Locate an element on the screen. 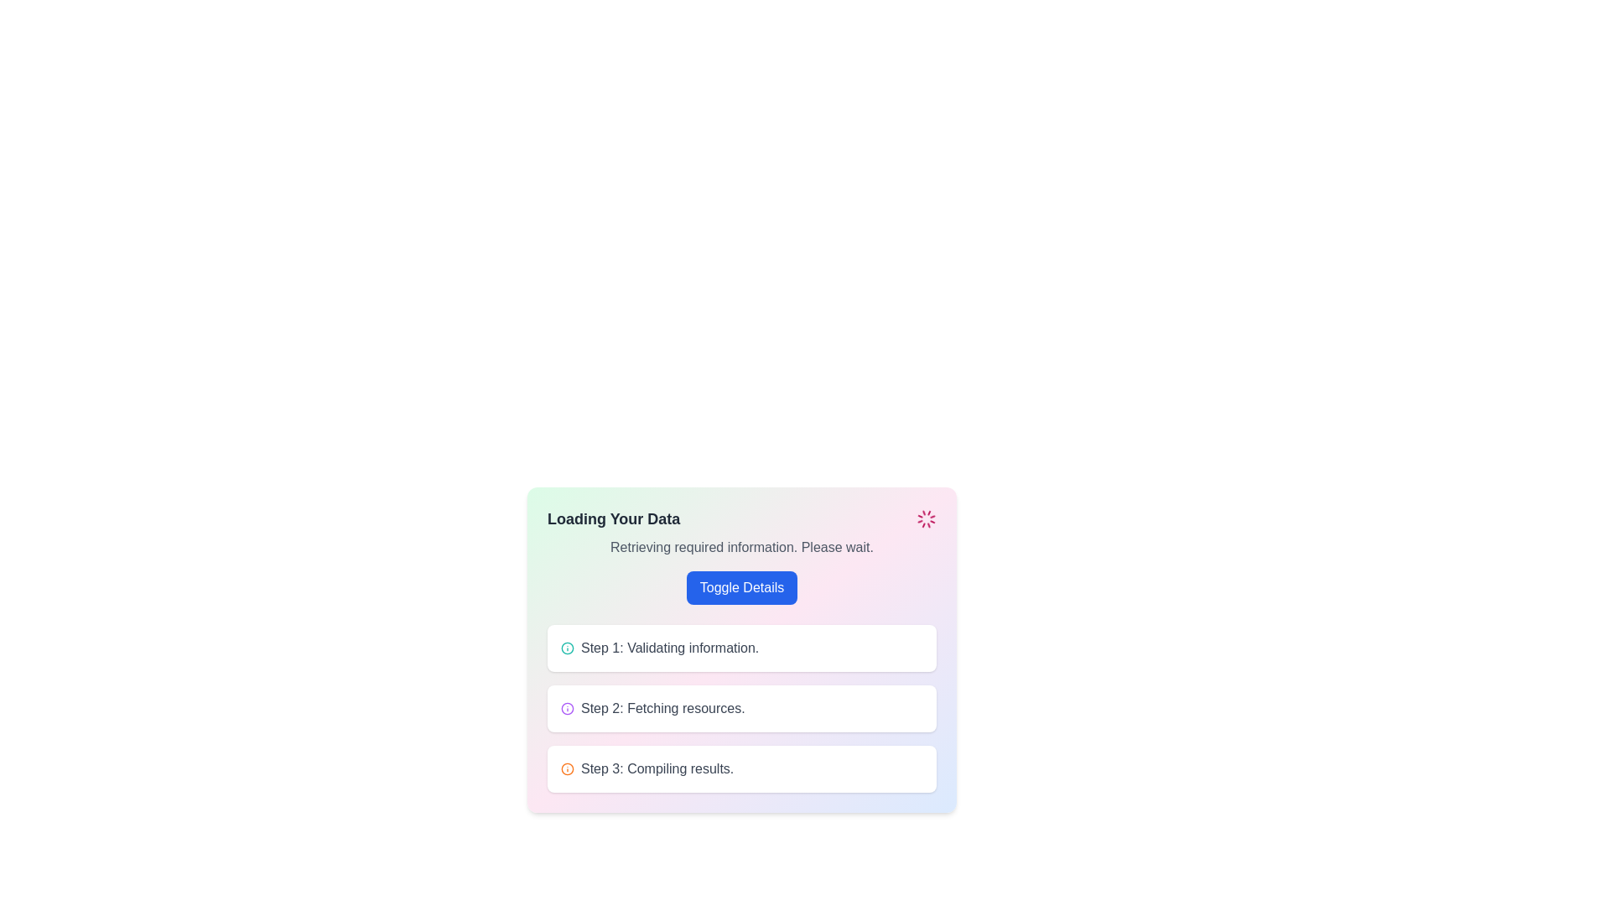 The height and width of the screenshot is (906, 1610). the static text element displaying 'Retrieving required information. Please wait.' which is located below the title 'Loading Your Data' and above the button 'Toggle Details' is located at coordinates (740, 547).